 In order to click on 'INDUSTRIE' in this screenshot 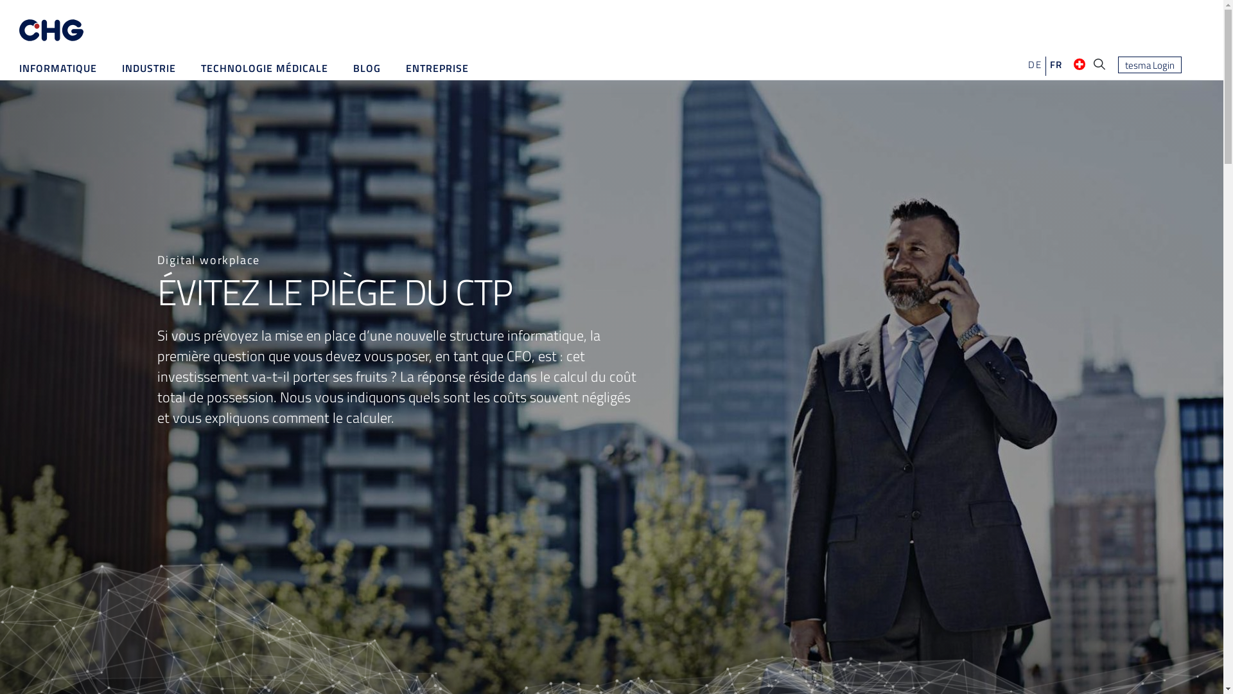, I will do `click(148, 67)`.